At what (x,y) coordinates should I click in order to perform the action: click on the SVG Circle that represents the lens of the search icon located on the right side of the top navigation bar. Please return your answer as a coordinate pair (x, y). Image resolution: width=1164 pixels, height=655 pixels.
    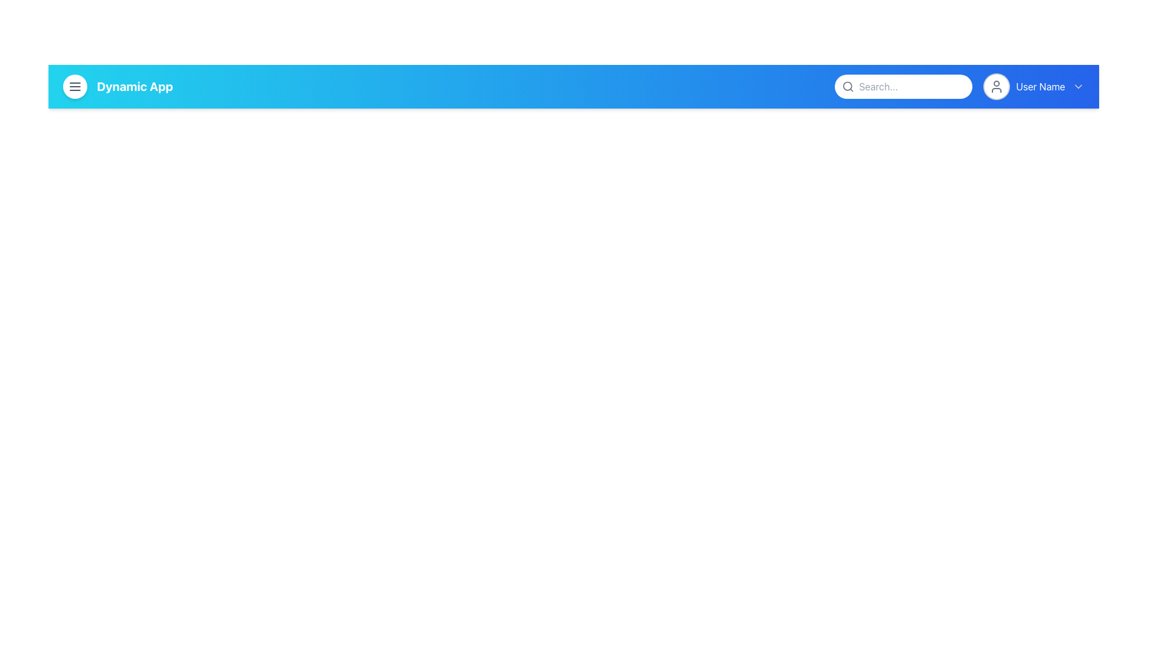
    Looking at the image, I should click on (847, 86).